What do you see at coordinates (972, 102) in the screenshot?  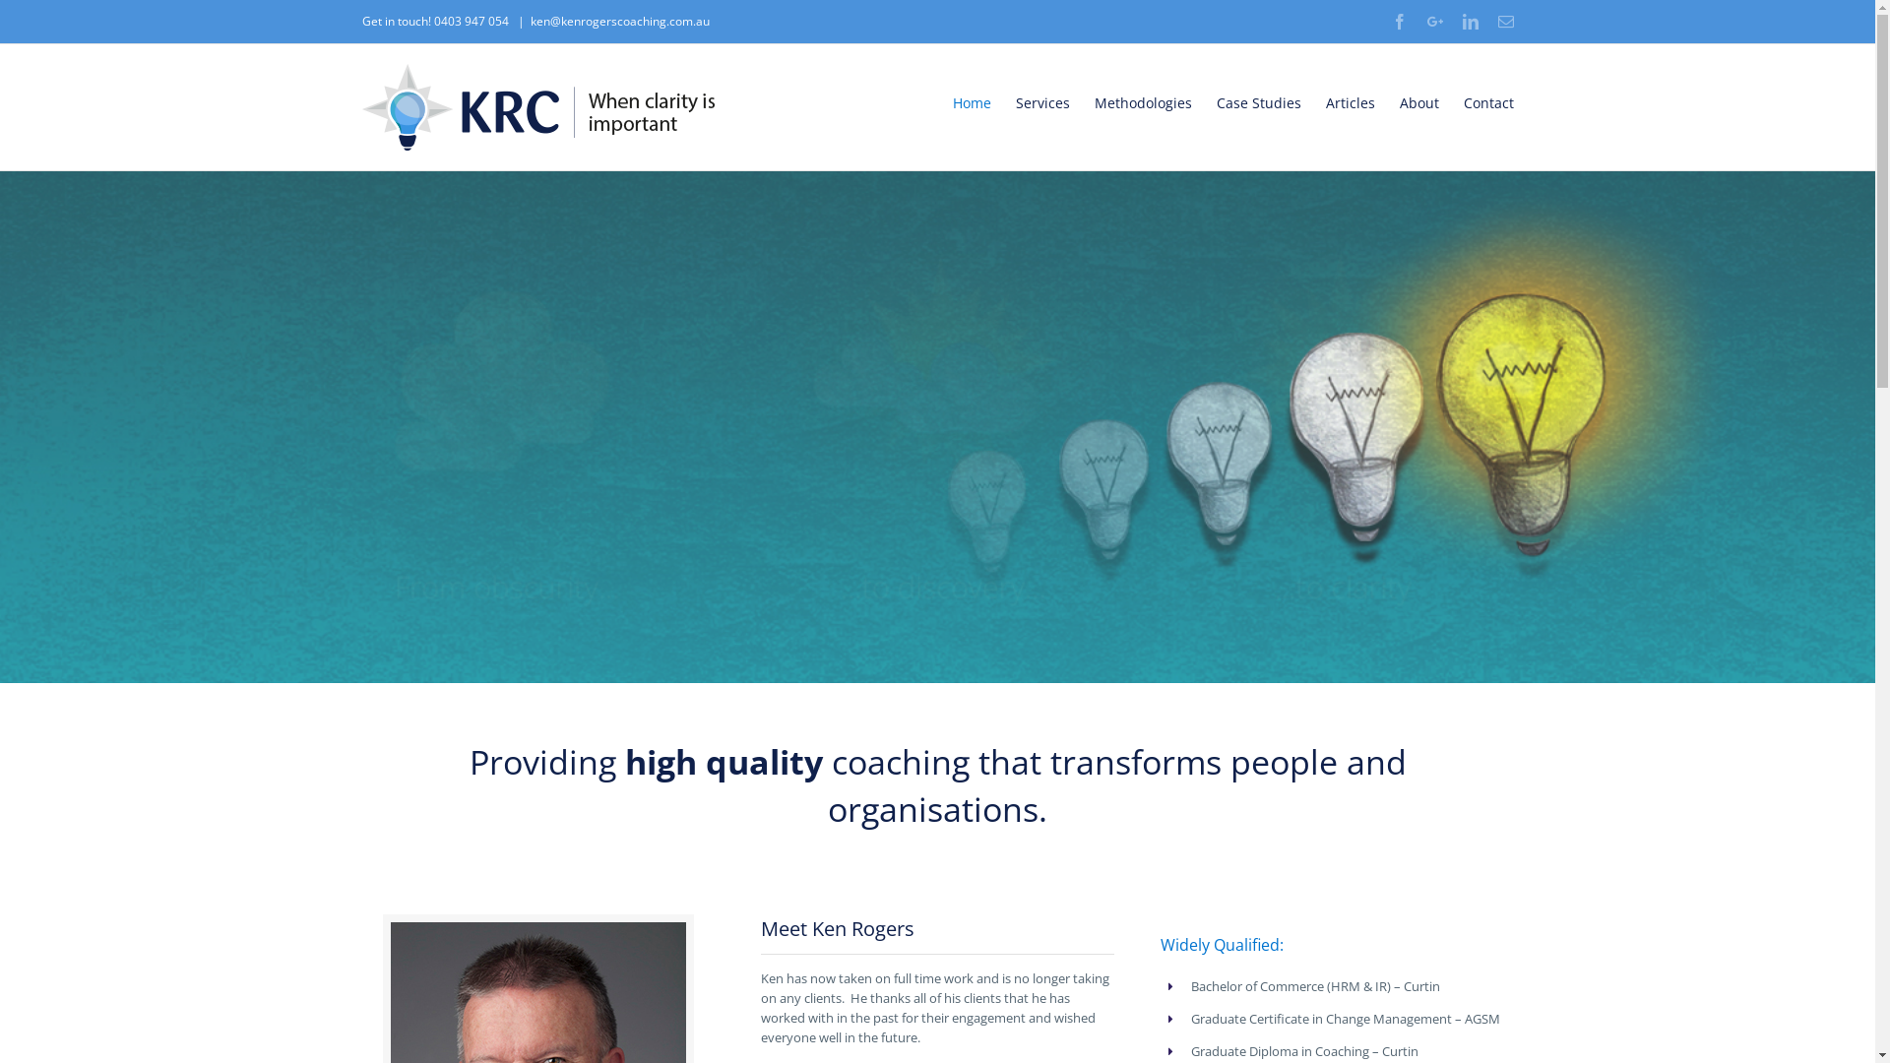 I see `'Home'` at bounding box center [972, 102].